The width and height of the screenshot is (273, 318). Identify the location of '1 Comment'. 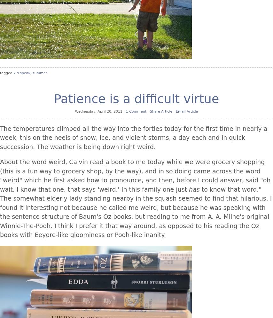
(136, 111).